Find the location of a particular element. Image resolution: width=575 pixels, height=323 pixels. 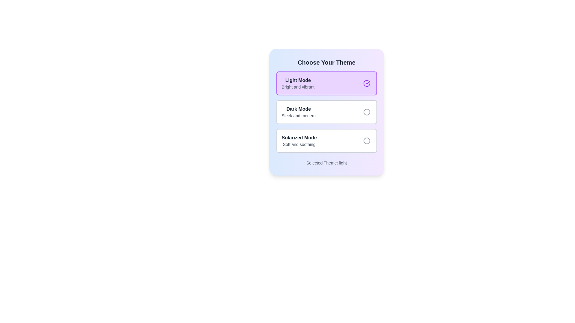

the unfilled circular radio button styled with a gray border is located at coordinates (366, 112).